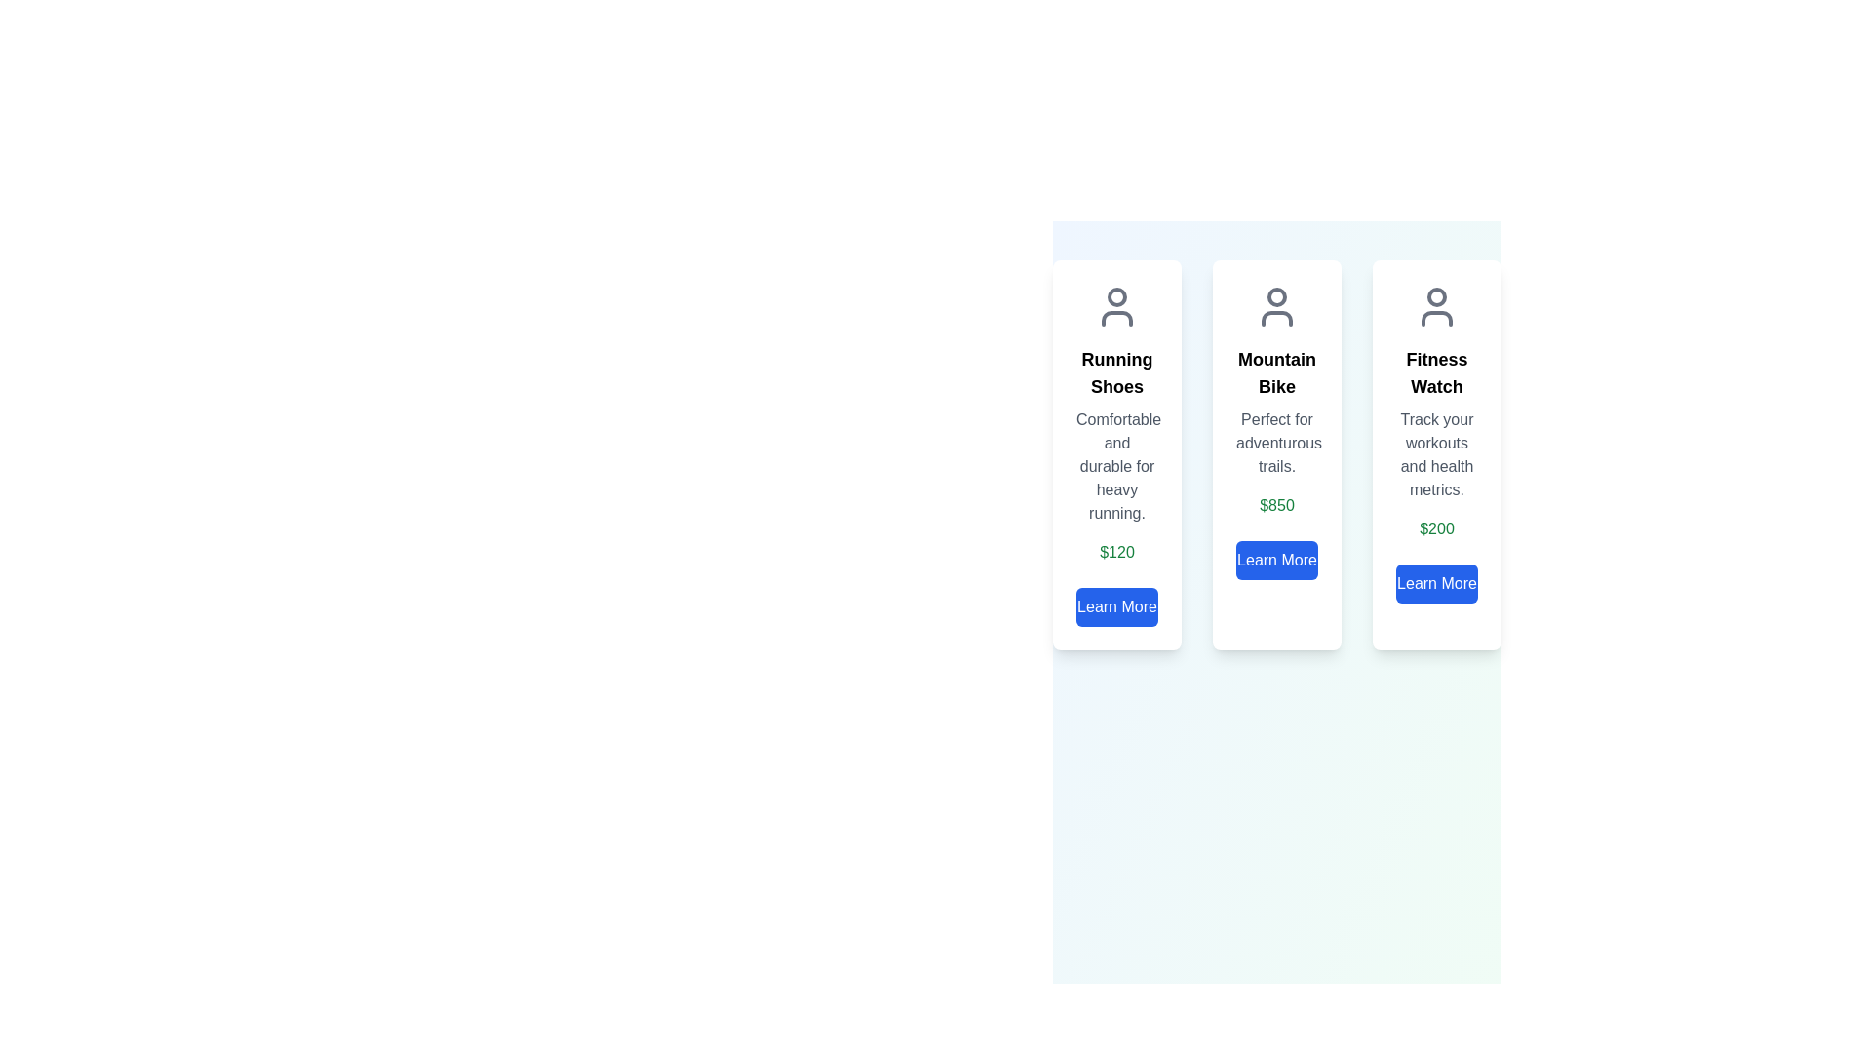 This screenshot has width=1872, height=1053. What do you see at coordinates (1277, 296) in the screenshot?
I see `the Circular decorative graphic located at the top of the 'Mountain Bike' card, which serves as a visual marker within the profile icon` at bounding box center [1277, 296].